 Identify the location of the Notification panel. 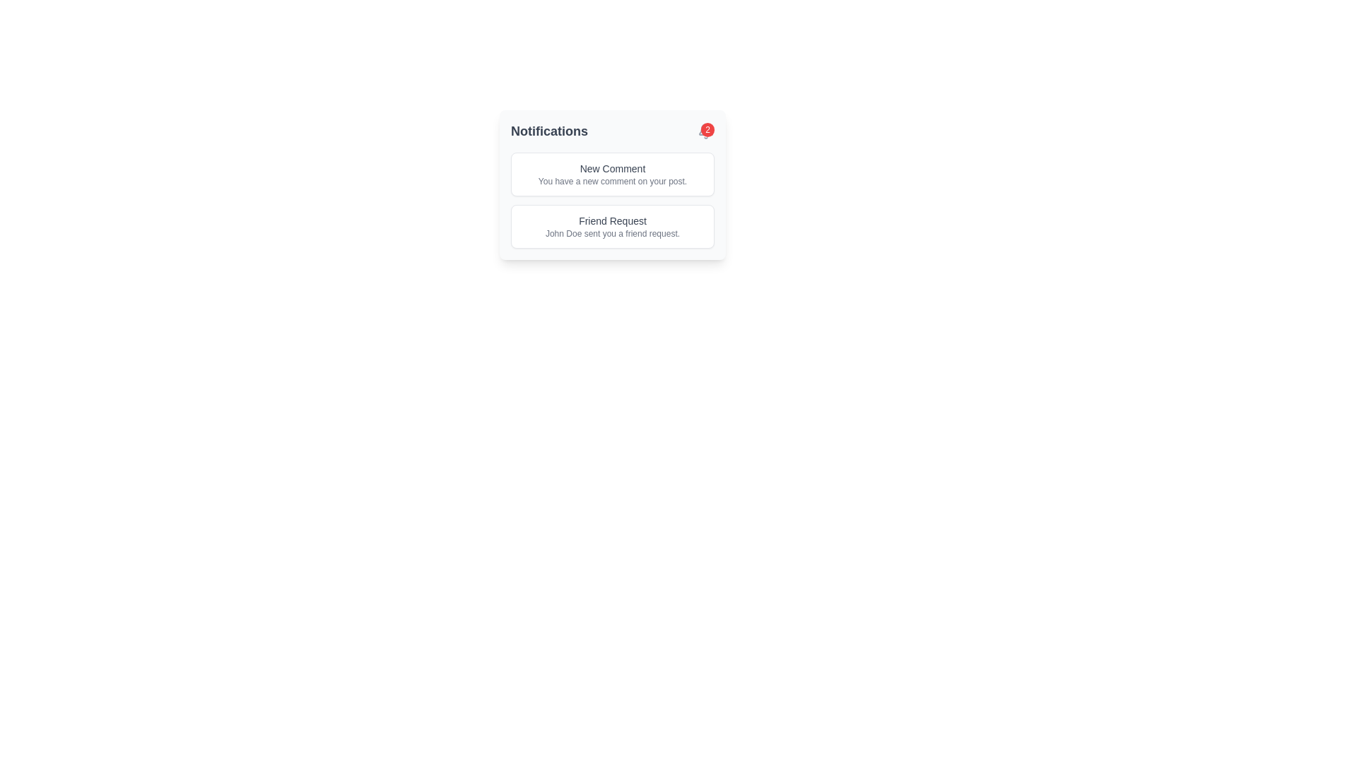
(613, 184).